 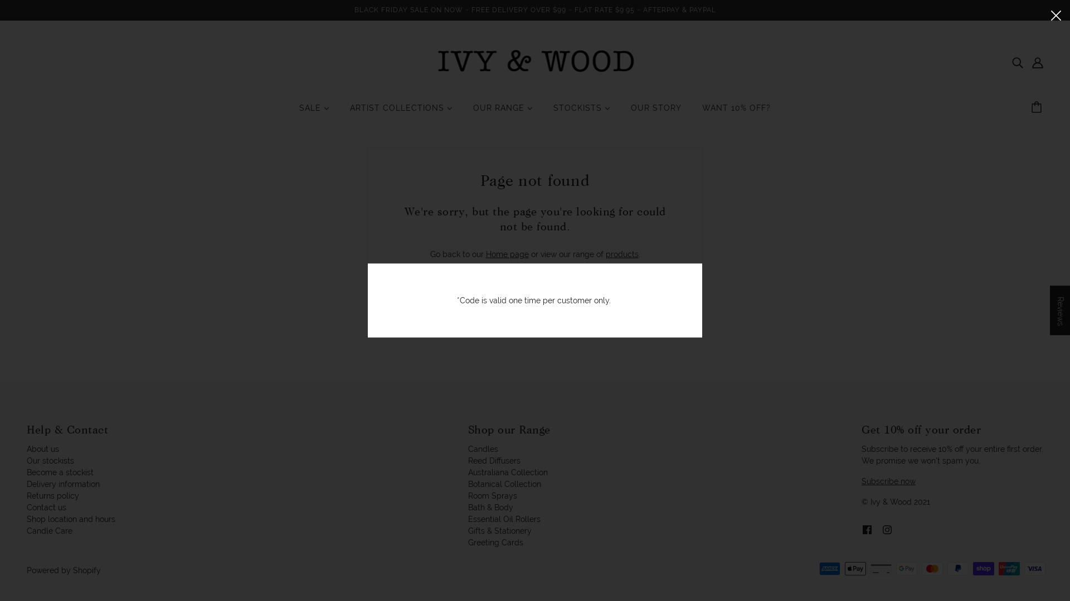 What do you see at coordinates (42, 448) in the screenshot?
I see `'About us'` at bounding box center [42, 448].